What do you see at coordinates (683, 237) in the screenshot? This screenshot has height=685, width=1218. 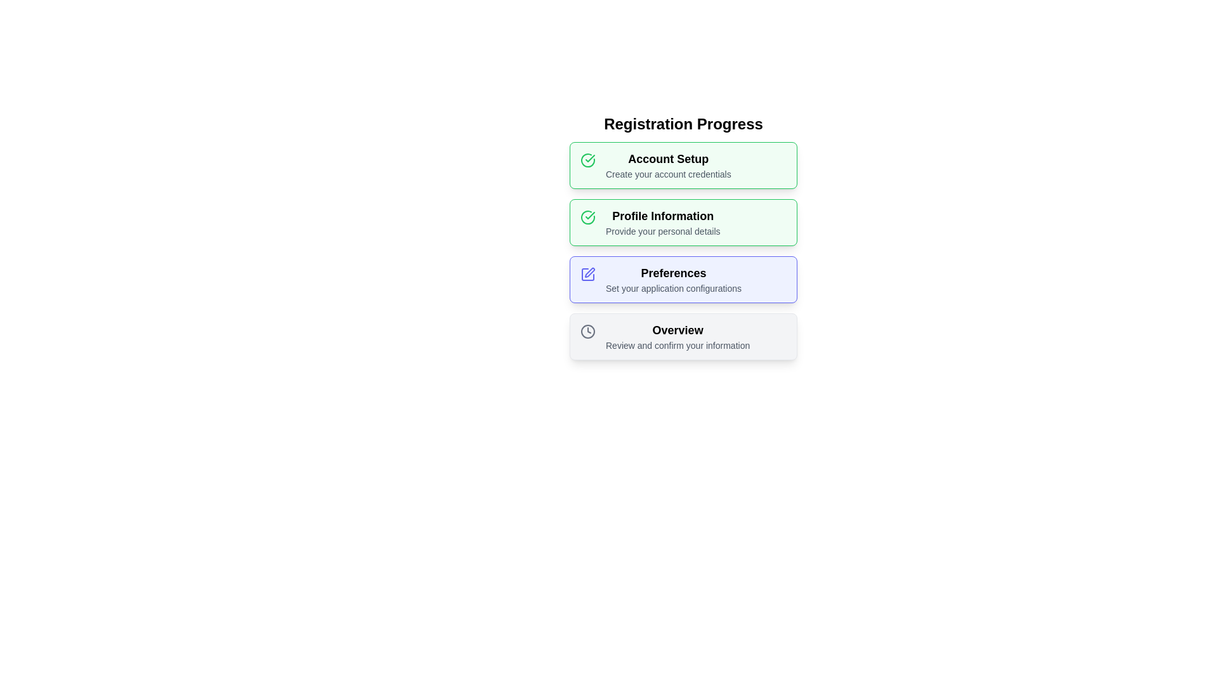 I see `the 'Profile Information' progress tracker step, which is the second step in the vertical list of a registration form, indicated by a green checkmark icon for completion` at bounding box center [683, 237].